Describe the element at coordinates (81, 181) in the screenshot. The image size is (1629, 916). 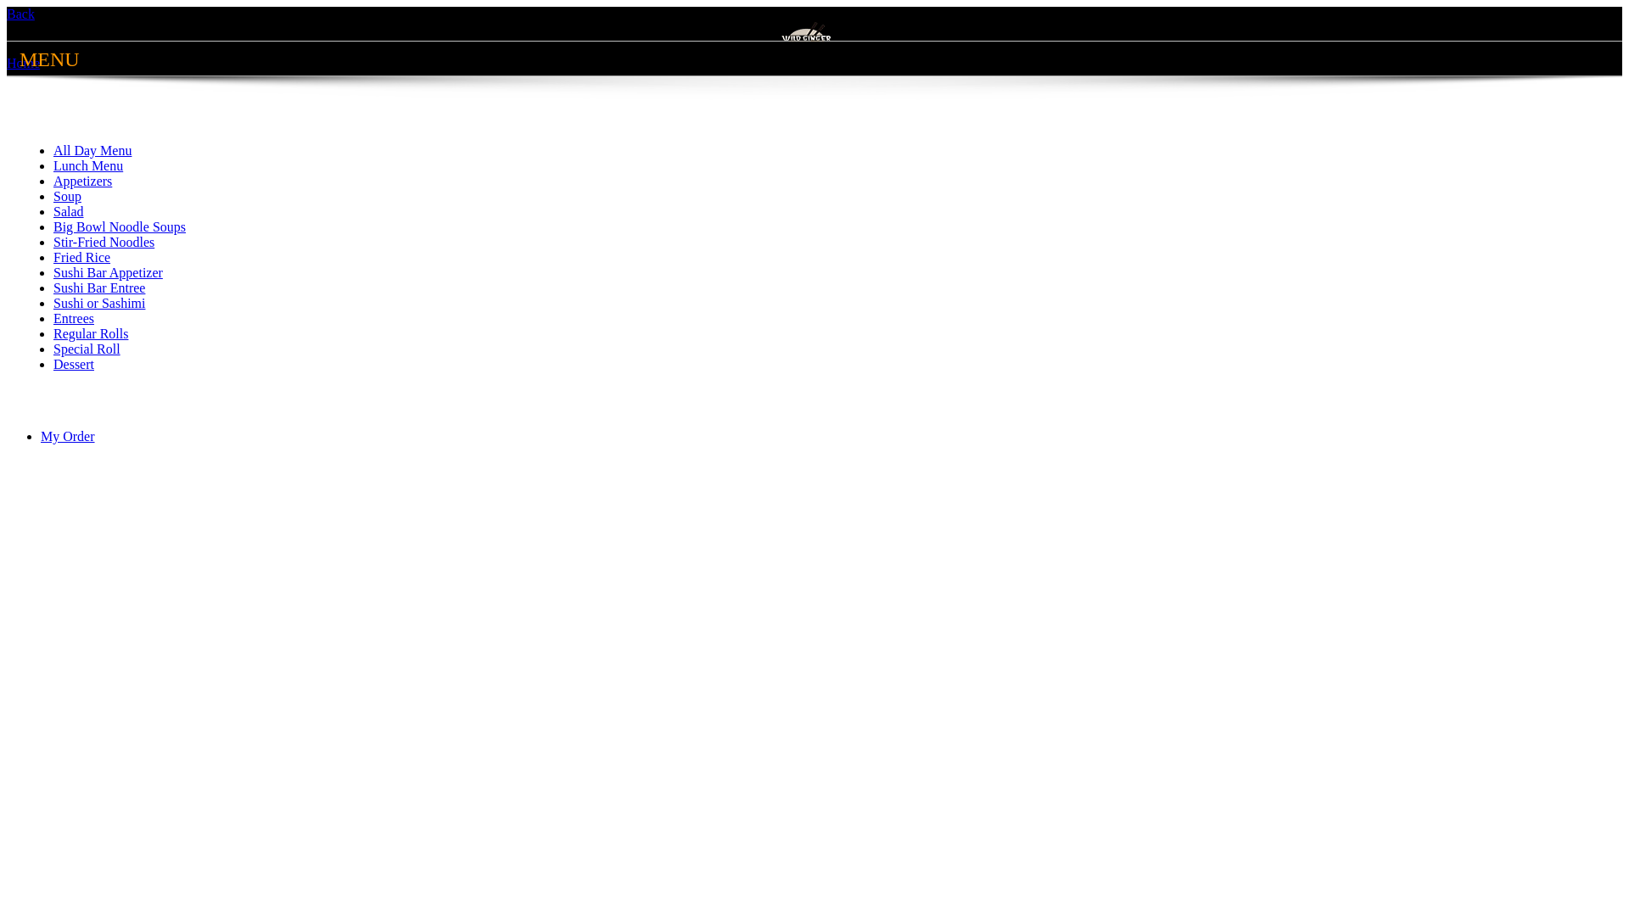
I see `'Appetizers'` at that location.